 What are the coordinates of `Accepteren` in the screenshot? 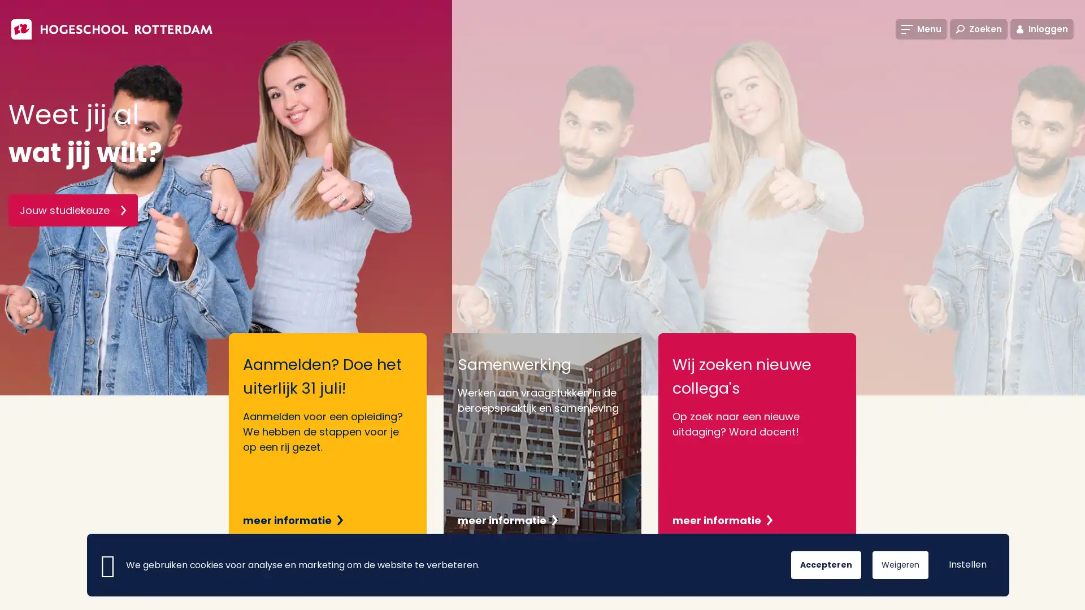 It's located at (825, 565).